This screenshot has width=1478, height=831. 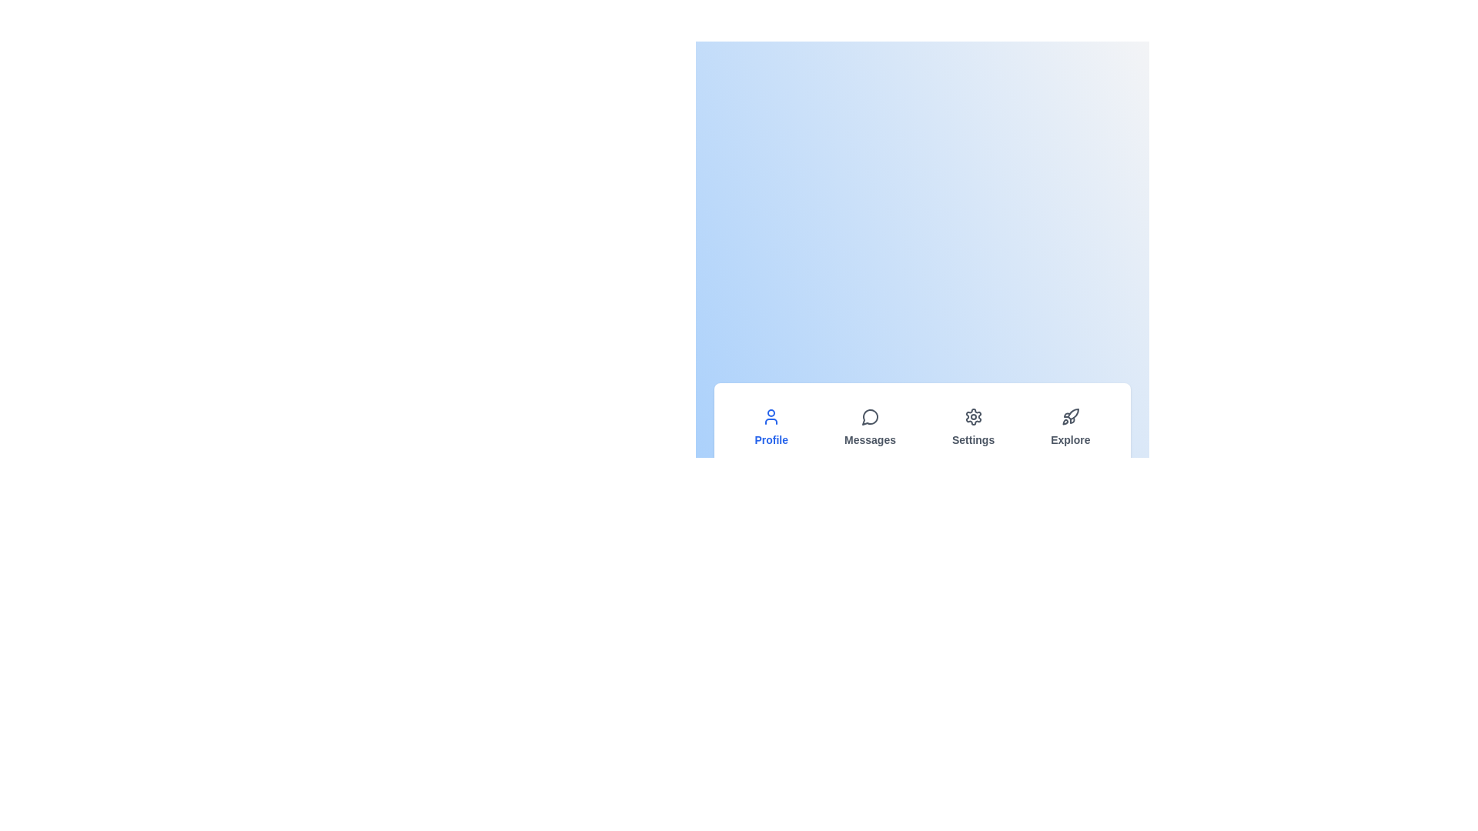 I want to click on the tab labeled Profile to observe the hover effect, so click(x=771, y=427).